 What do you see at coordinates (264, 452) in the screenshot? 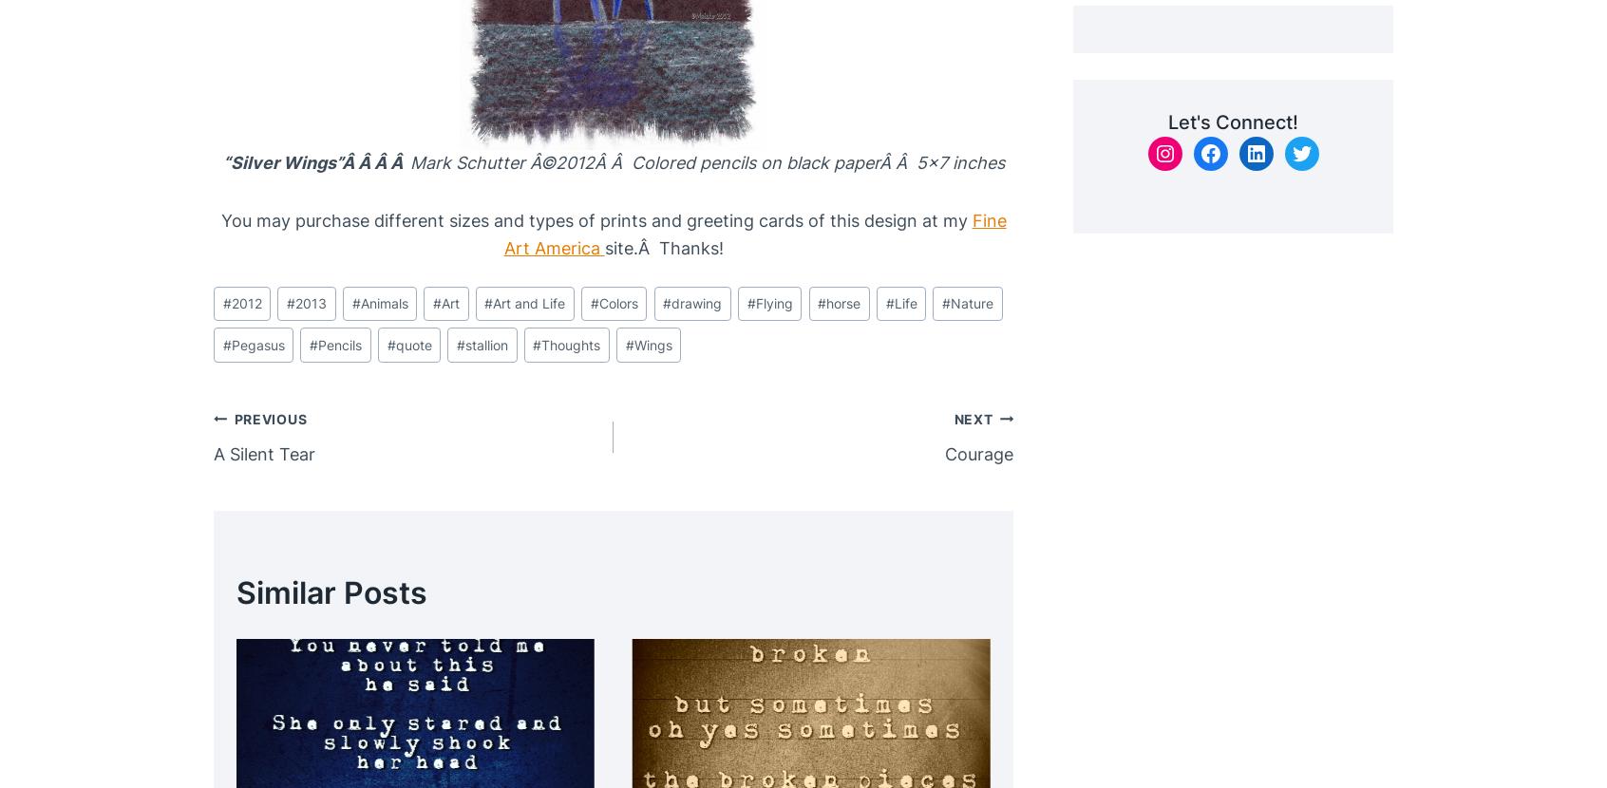
I see `'A Silent Tear'` at bounding box center [264, 452].